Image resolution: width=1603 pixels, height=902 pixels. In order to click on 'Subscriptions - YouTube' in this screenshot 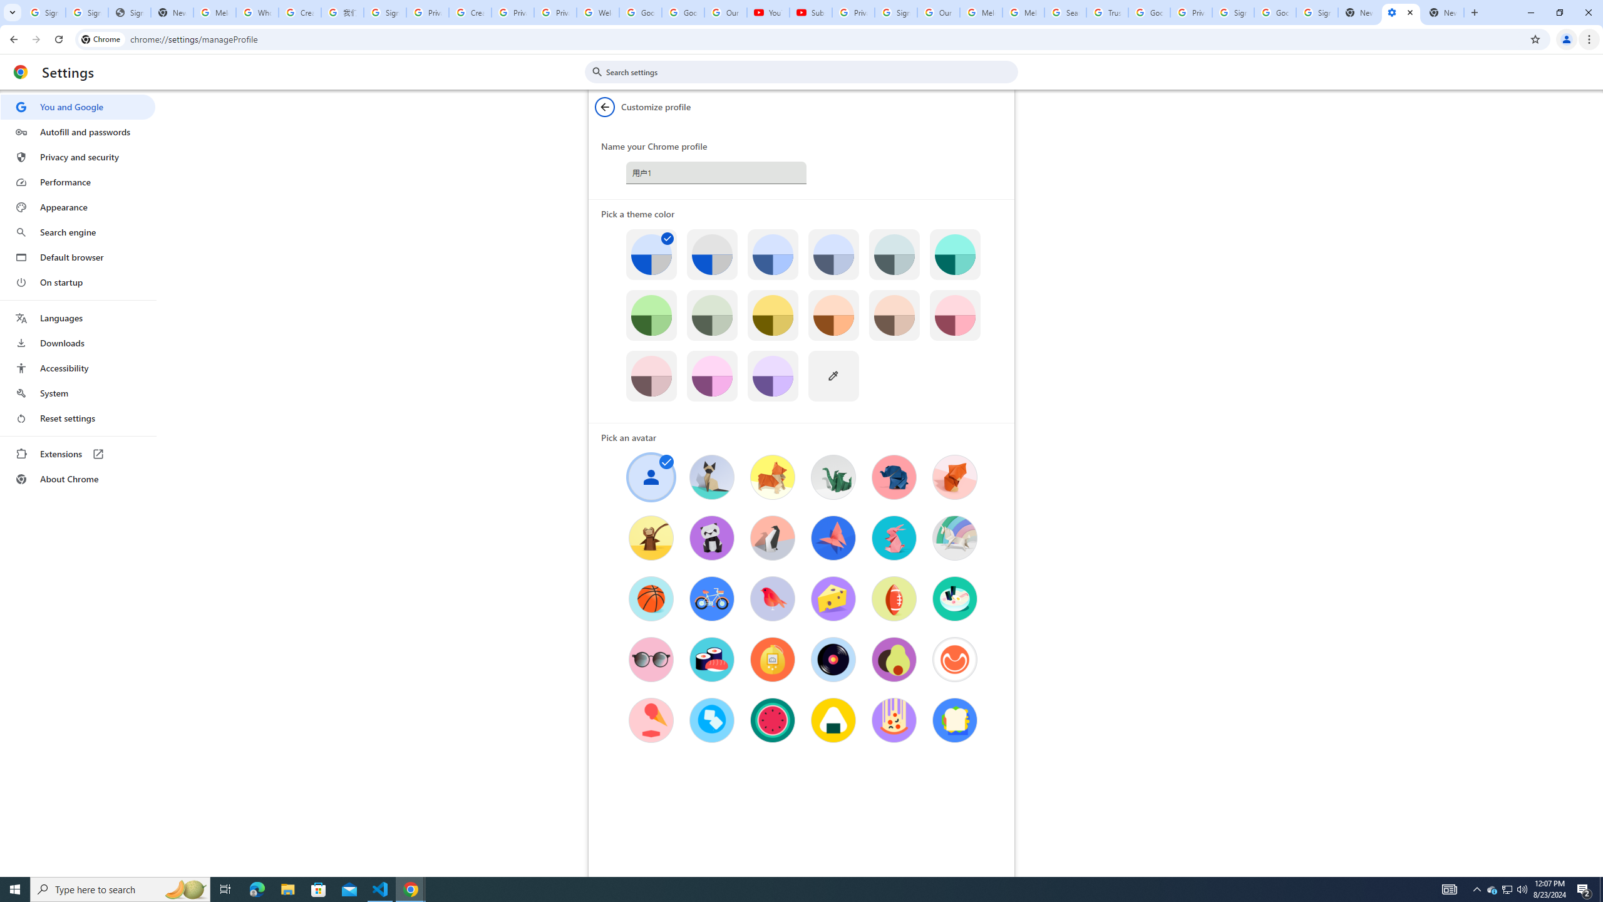, I will do `click(811, 12)`.